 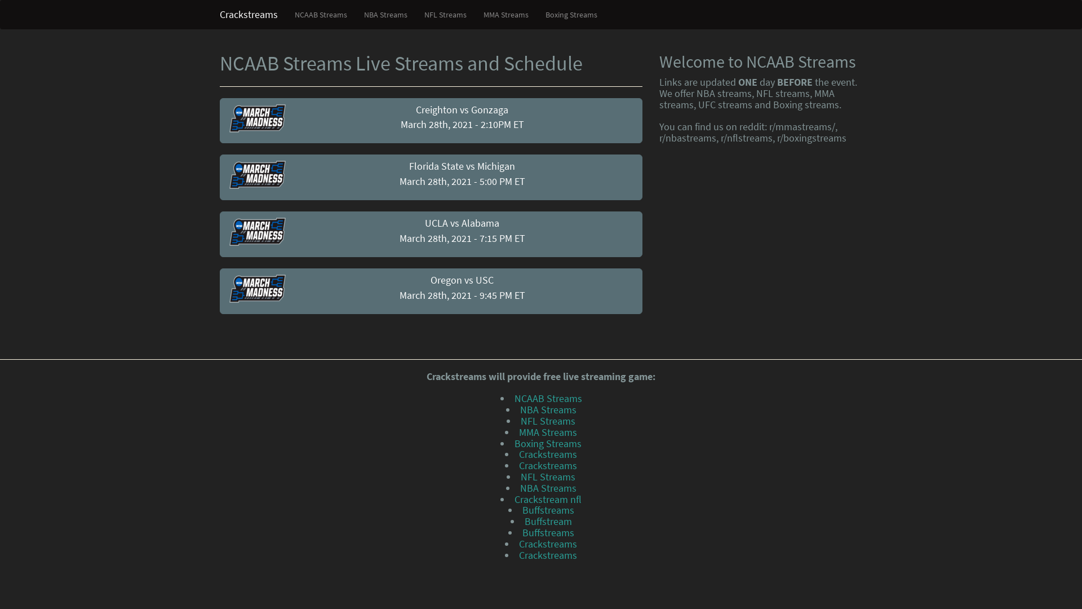 What do you see at coordinates (571, 15) in the screenshot?
I see `'Boxing Streams'` at bounding box center [571, 15].